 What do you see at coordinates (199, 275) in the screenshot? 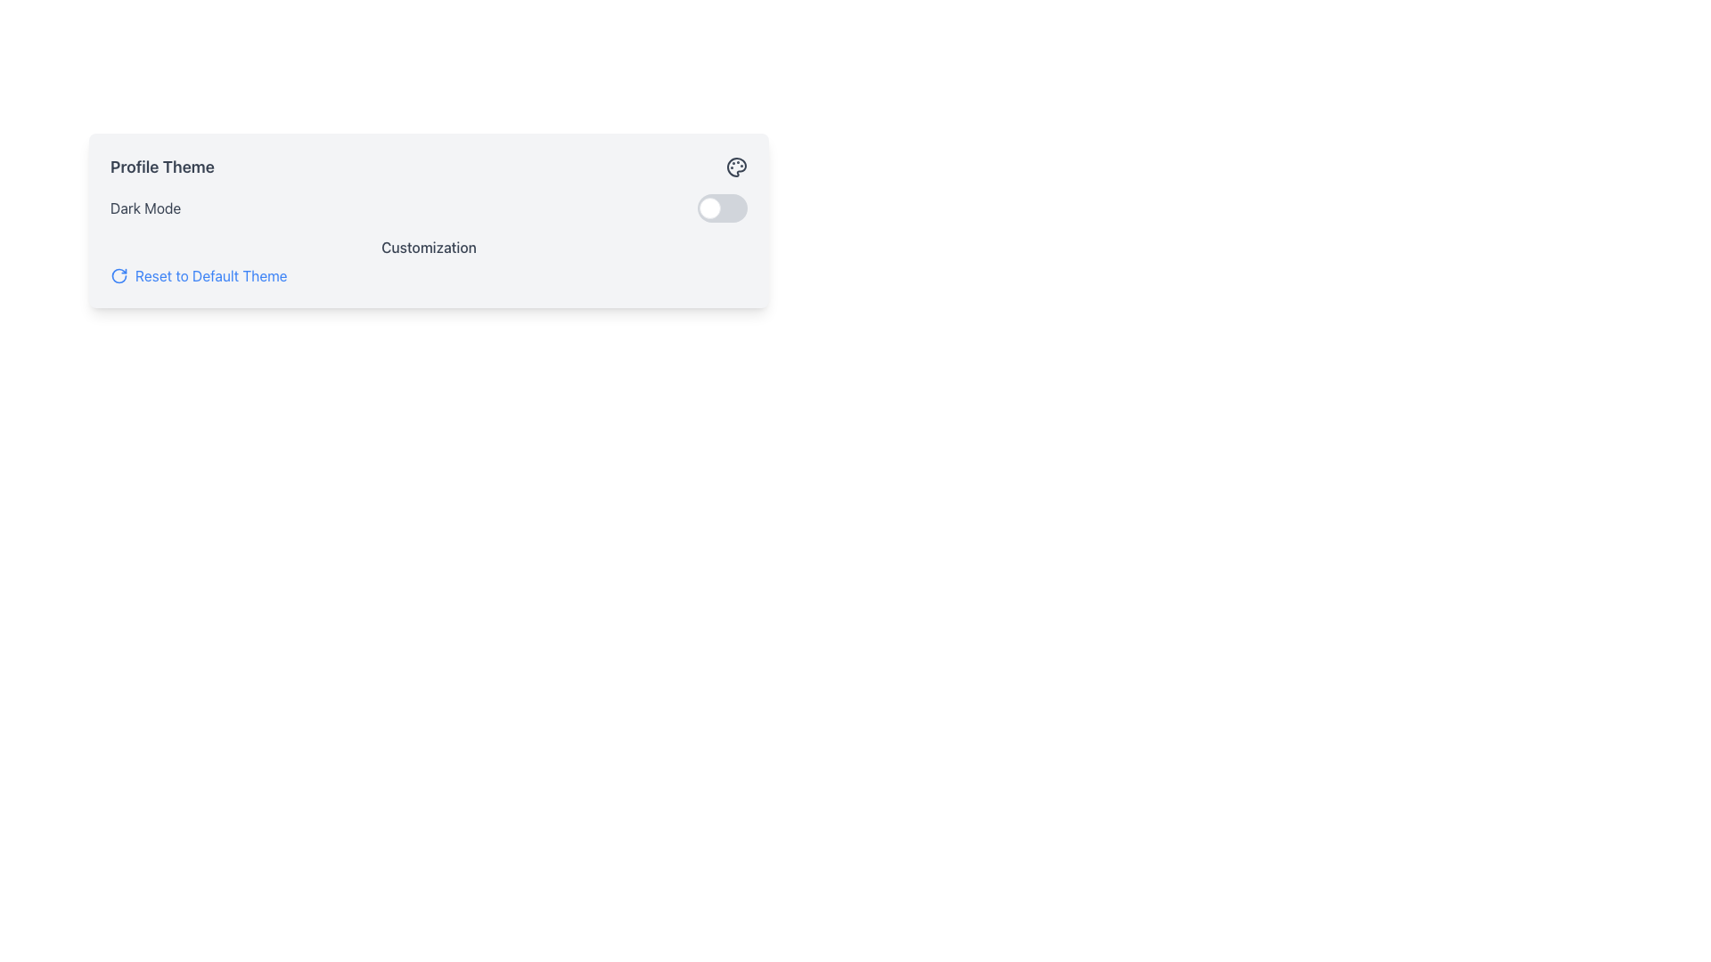
I see `the interactive hyperlink labeled 'Reset to Default Theme' with a circular arrow icon, located in the 'Customization' section of the settings panel` at bounding box center [199, 275].